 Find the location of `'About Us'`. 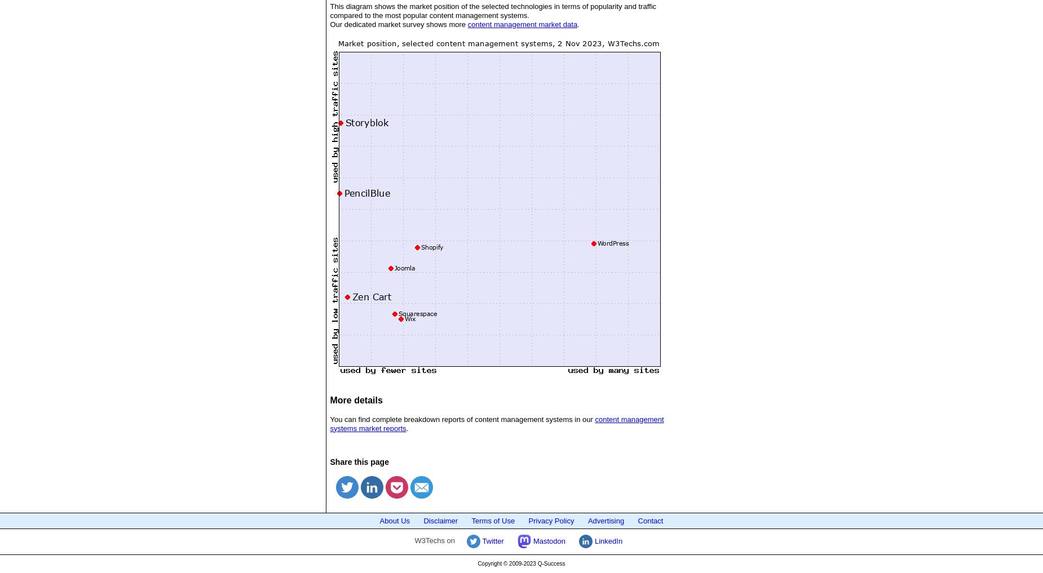

'About Us' is located at coordinates (395, 519).